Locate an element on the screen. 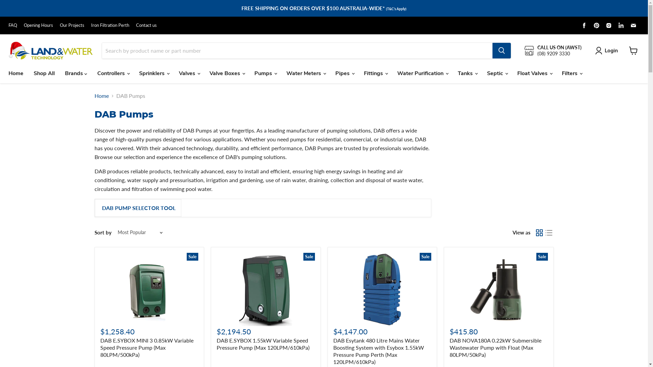 The width and height of the screenshot is (653, 367). 'FAQ' is located at coordinates (13, 25).